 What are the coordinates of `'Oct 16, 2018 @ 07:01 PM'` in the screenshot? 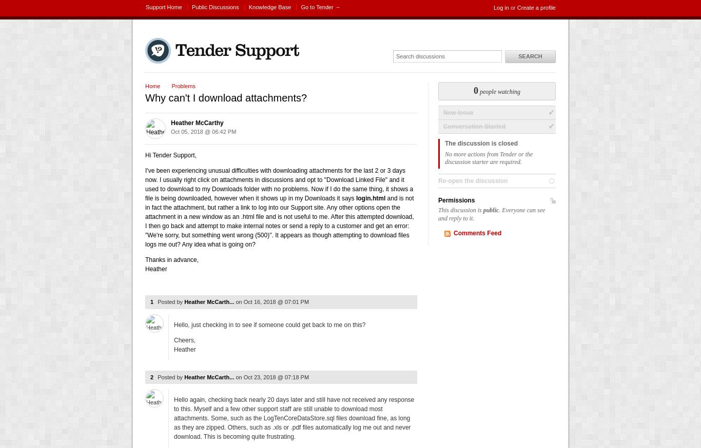 It's located at (276, 301).